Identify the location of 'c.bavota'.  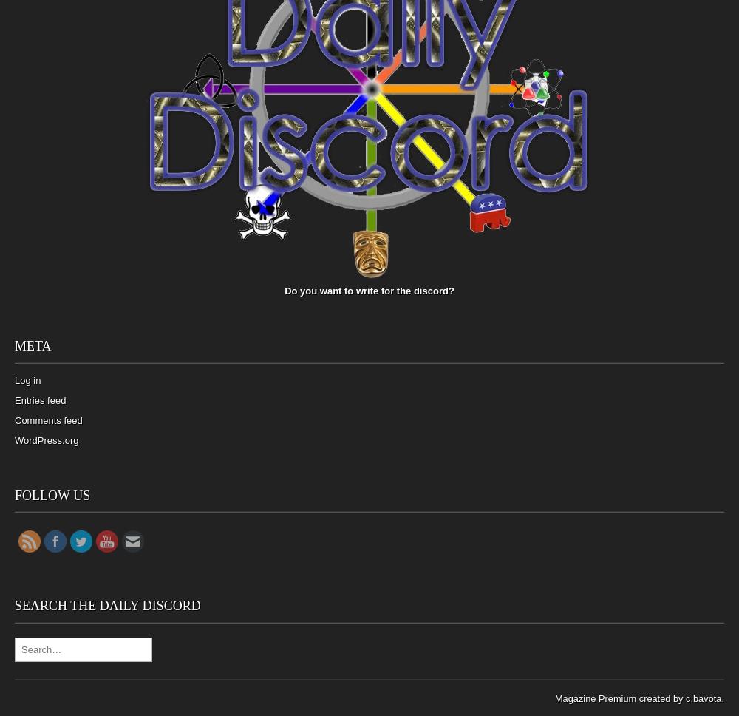
(703, 697).